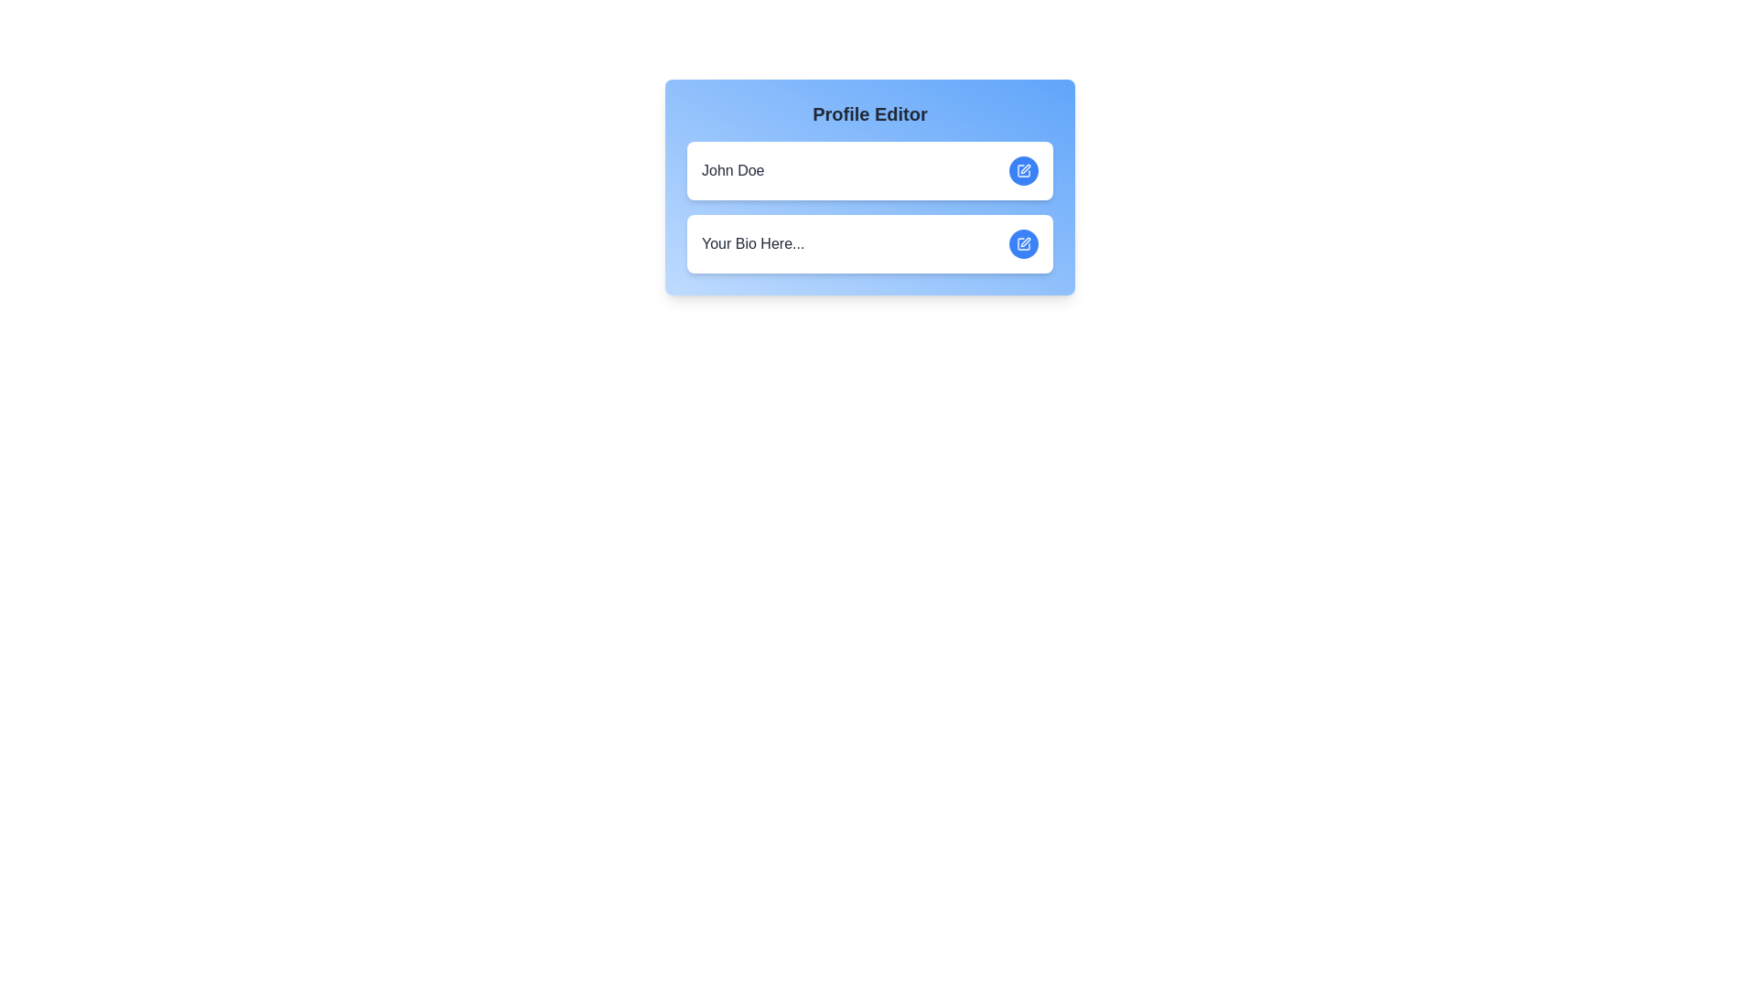 This screenshot has width=1757, height=988. What do you see at coordinates (733, 170) in the screenshot?
I see `the text 'John Doe'` at bounding box center [733, 170].